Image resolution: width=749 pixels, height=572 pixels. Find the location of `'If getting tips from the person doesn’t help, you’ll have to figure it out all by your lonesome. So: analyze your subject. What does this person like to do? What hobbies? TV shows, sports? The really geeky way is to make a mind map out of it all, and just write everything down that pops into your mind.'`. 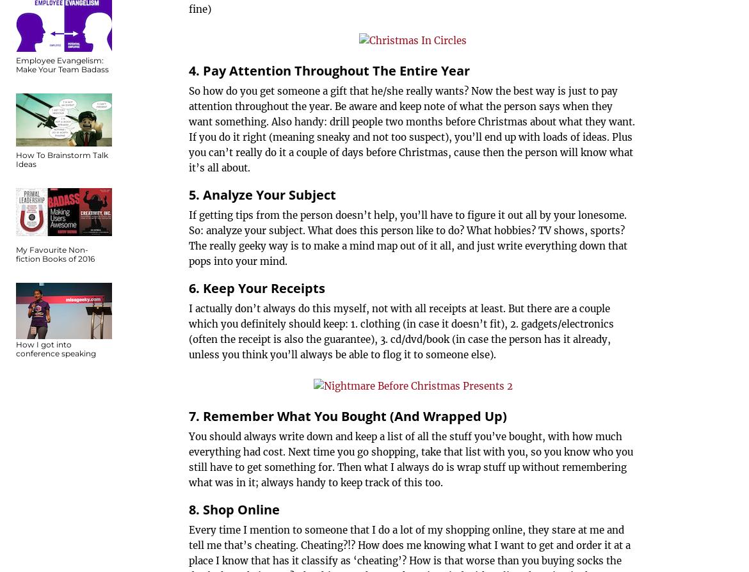

'If getting tips from the person doesn’t help, you’ll have to figure it out all by your lonesome. So: analyze your subject. What does this person like to do? What hobbies? TV shows, sports? The really geeky way is to make a mind map out of it all, and just write everything down that pops into your mind.' is located at coordinates (408, 237).